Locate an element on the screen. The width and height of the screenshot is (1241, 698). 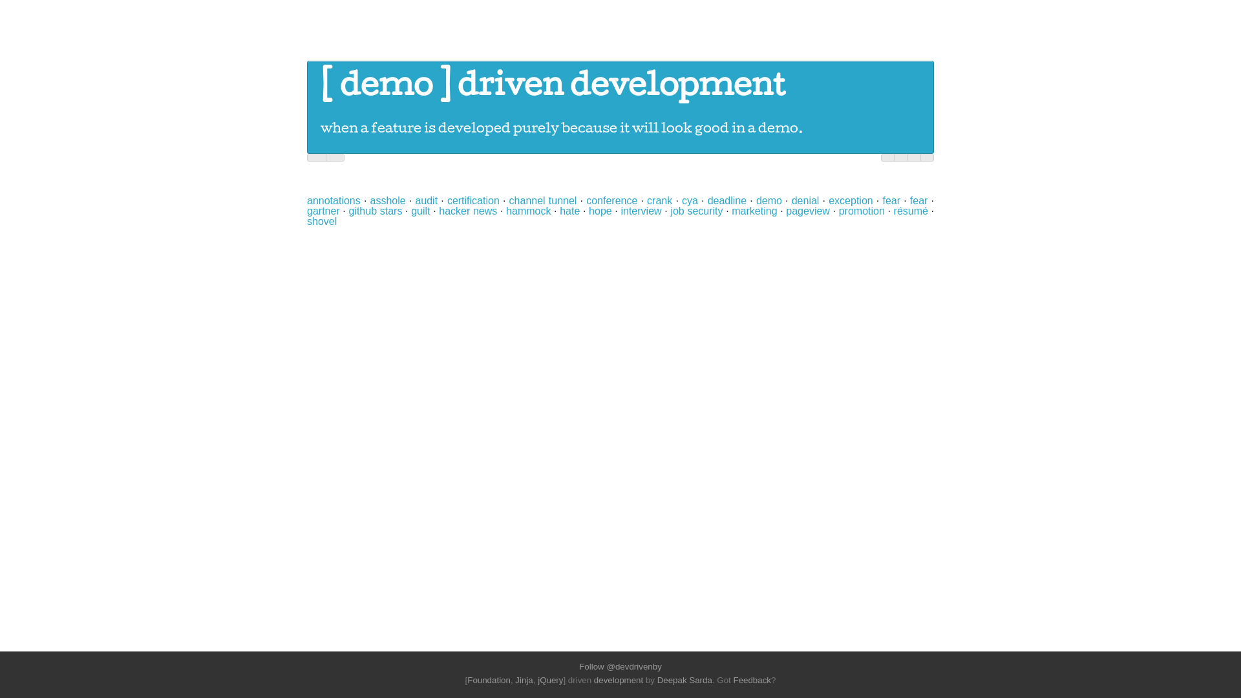
'guilt' is located at coordinates (420, 210).